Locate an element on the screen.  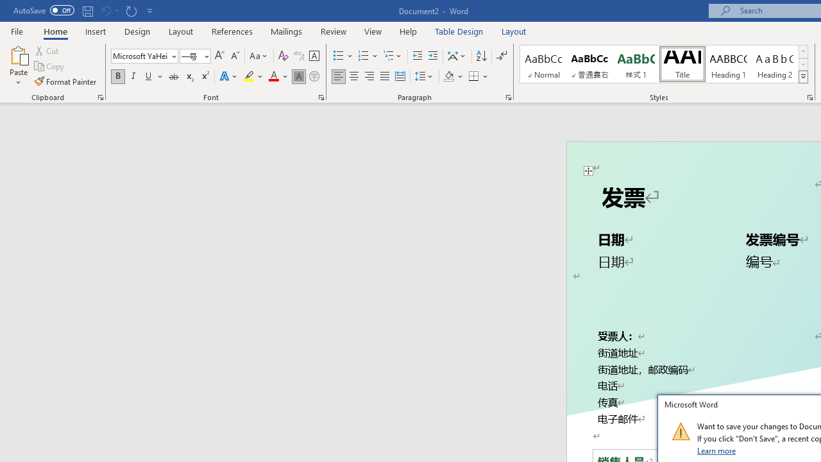
'Title' is located at coordinates (681, 64).